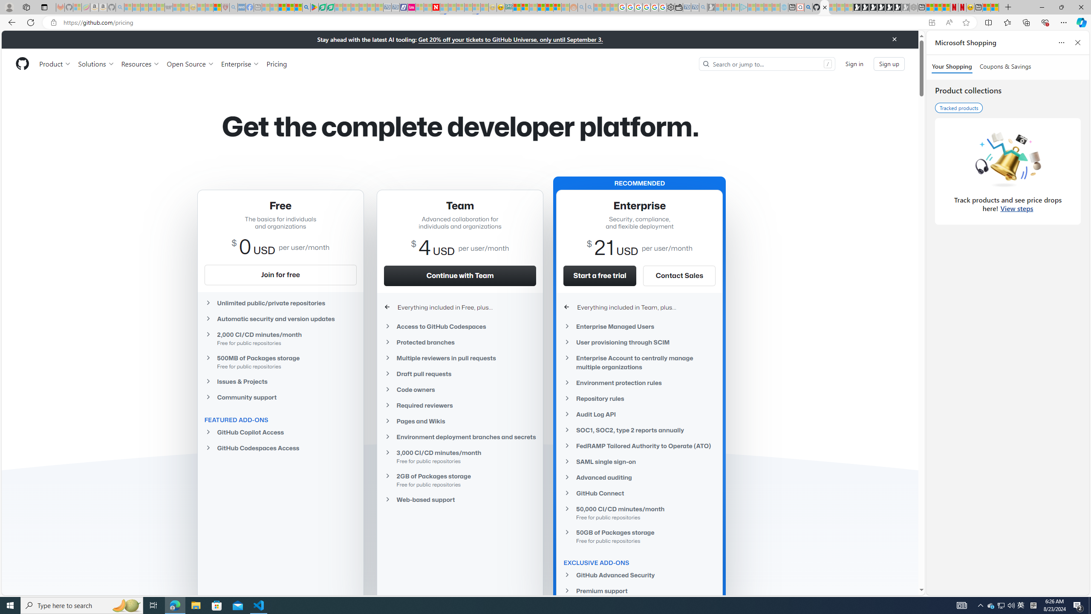  What do you see at coordinates (280, 397) in the screenshot?
I see `'Community support'` at bounding box center [280, 397].